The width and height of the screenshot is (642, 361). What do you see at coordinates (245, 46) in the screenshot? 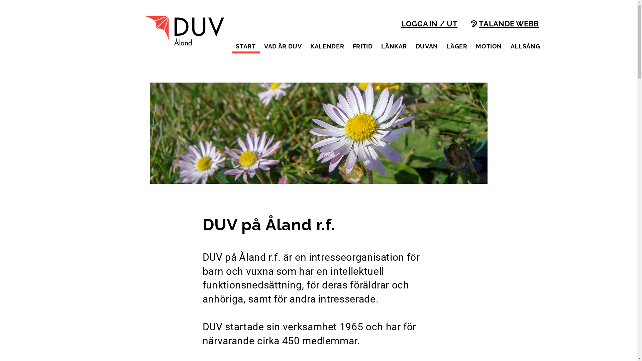
I see `'START'` at bounding box center [245, 46].